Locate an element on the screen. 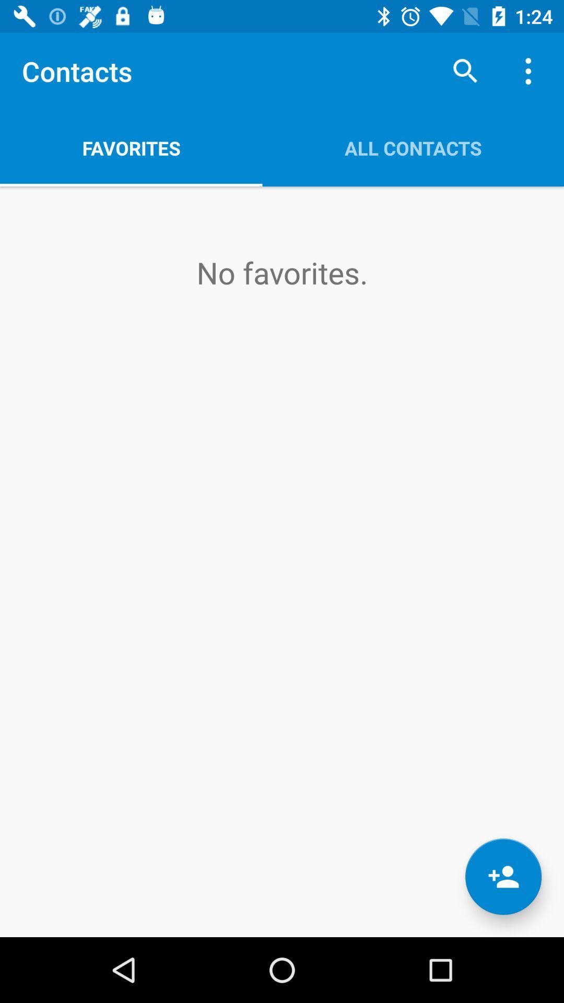 This screenshot has width=564, height=1003. the all contacts app is located at coordinates (413, 147).